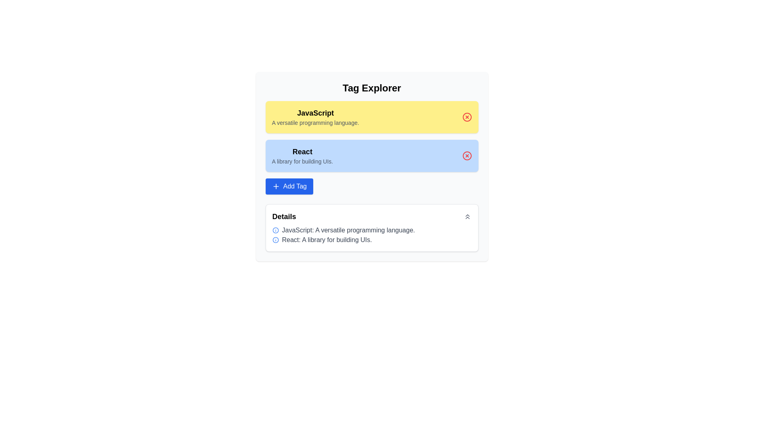  Describe the element at coordinates (276, 186) in the screenshot. I see `the SVG Icon located on the left side of the 'Add Tag' button to initiate the action of adding new items` at that location.